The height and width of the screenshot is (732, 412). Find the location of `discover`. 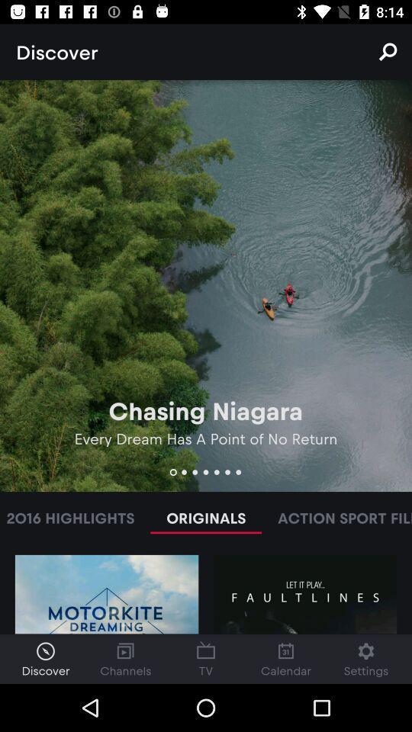

discover is located at coordinates (46, 658).